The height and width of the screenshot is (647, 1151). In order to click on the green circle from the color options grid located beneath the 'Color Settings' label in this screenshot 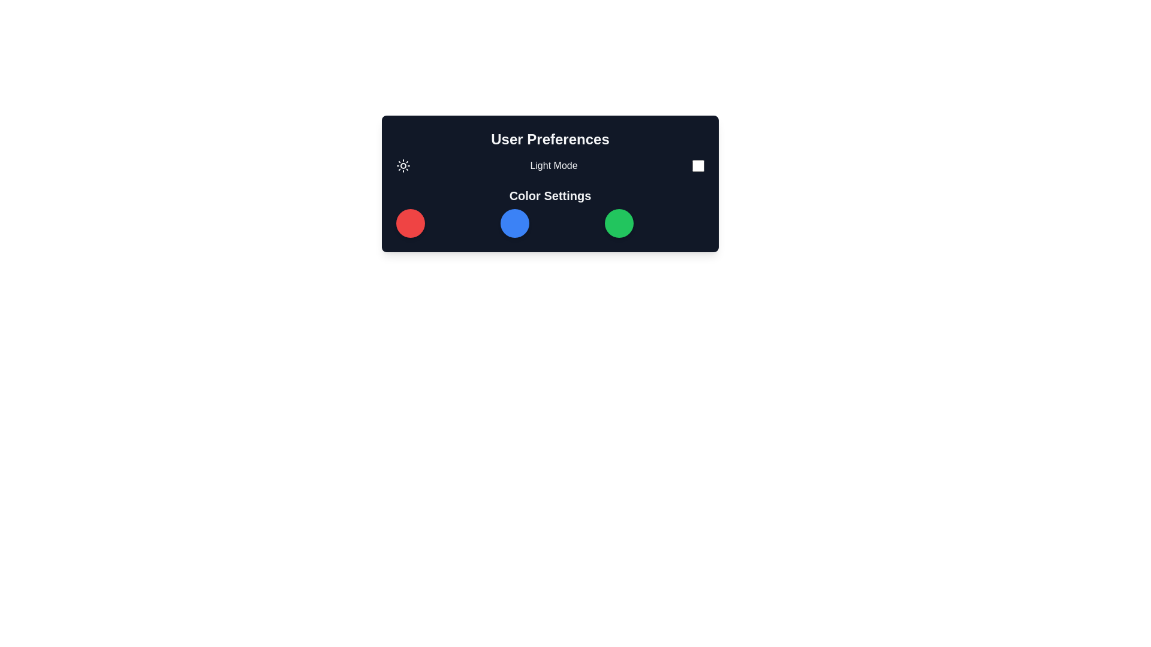, I will do `click(549, 223)`.